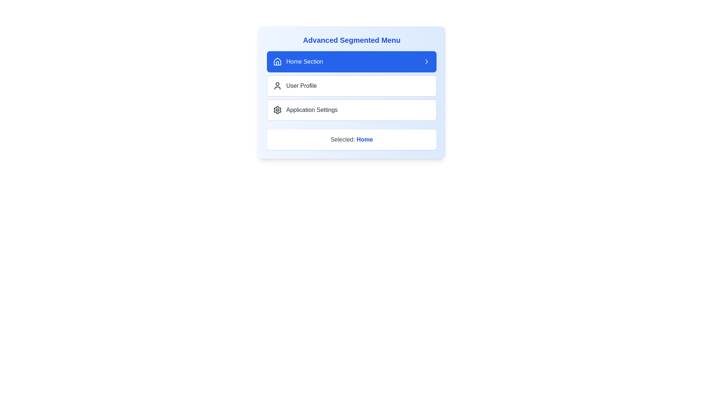 The width and height of the screenshot is (702, 395). Describe the element at coordinates (277, 86) in the screenshot. I see `the 'User Profile' icon located on the left side of the 'User Profile' menu option for visual cues` at that location.